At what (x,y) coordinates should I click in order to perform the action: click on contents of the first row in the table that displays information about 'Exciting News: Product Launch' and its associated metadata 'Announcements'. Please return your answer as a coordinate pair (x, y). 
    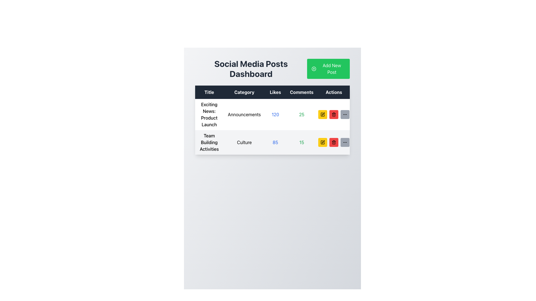
    Looking at the image, I should click on (272, 114).